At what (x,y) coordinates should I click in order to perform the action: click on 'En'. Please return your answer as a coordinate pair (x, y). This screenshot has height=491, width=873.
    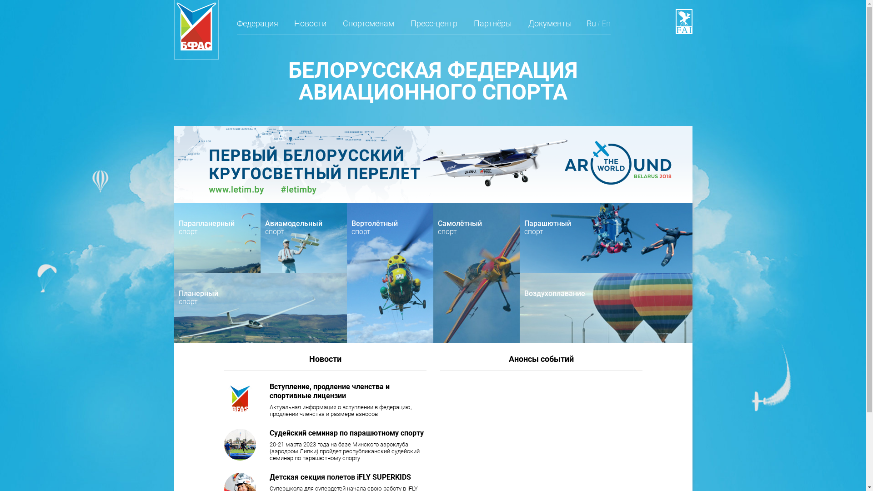
    Looking at the image, I should click on (602, 26).